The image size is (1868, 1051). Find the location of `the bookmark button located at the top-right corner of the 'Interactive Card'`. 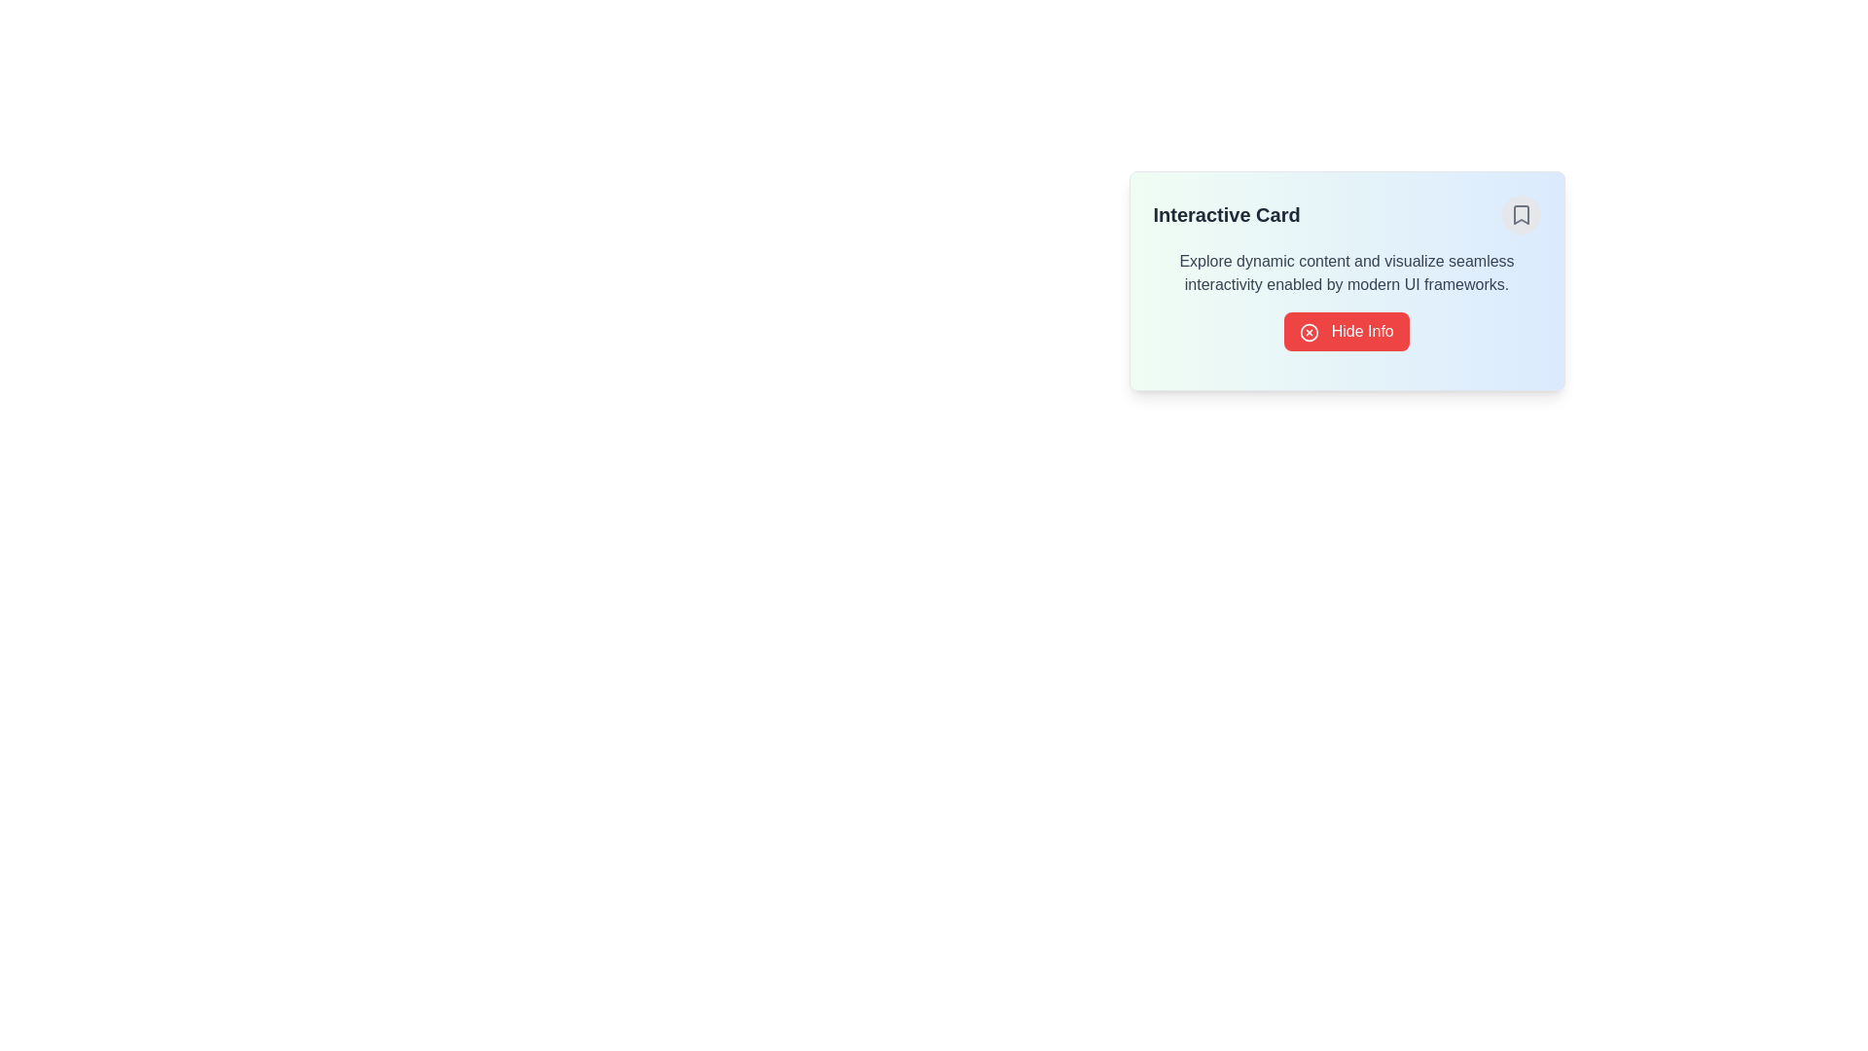

the bookmark button located at the top-right corner of the 'Interactive Card' is located at coordinates (1520, 214).